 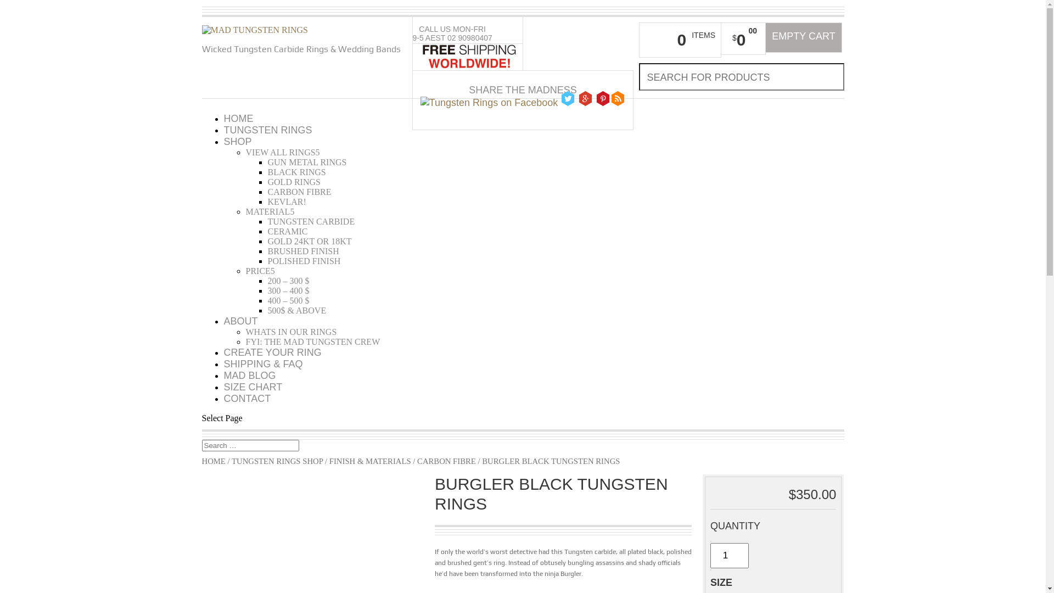 What do you see at coordinates (300, 191) in the screenshot?
I see `'CARBON FIBRE'` at bounding box center [300, 191].